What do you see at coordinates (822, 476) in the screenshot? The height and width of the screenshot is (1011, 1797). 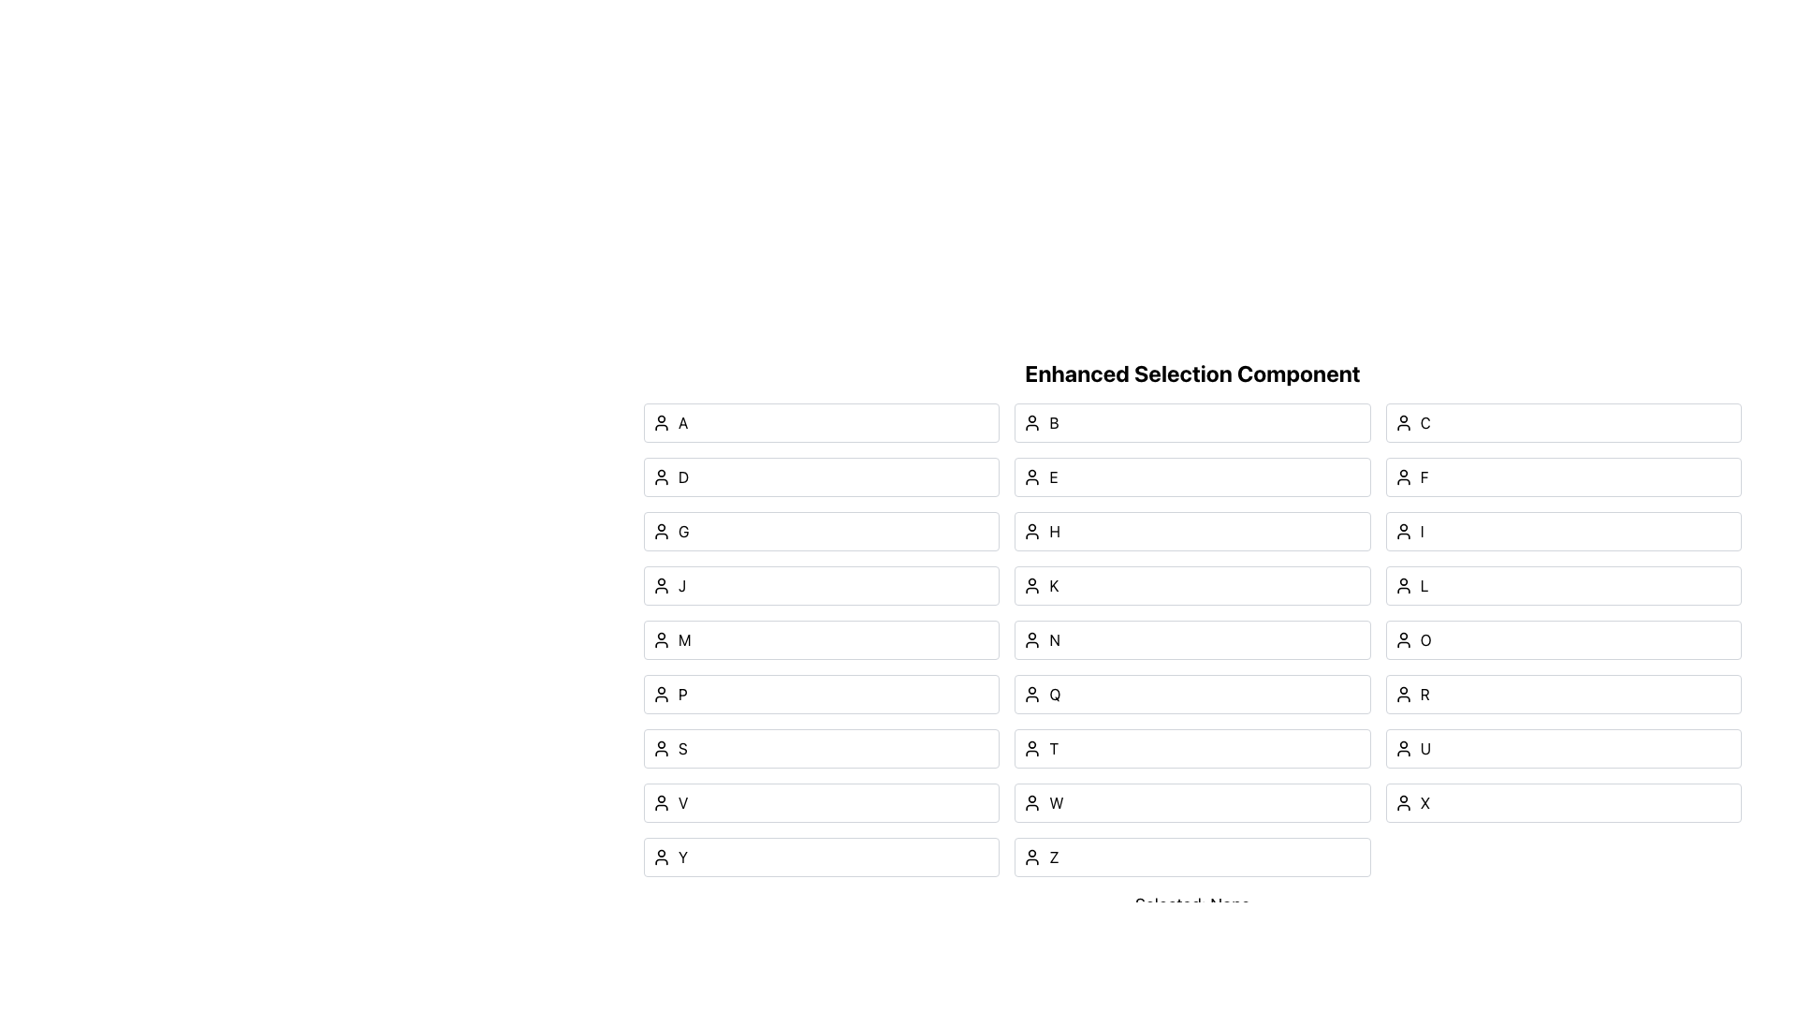 I see `the button representing the letter 'D'` at bounding box center [822, 476].